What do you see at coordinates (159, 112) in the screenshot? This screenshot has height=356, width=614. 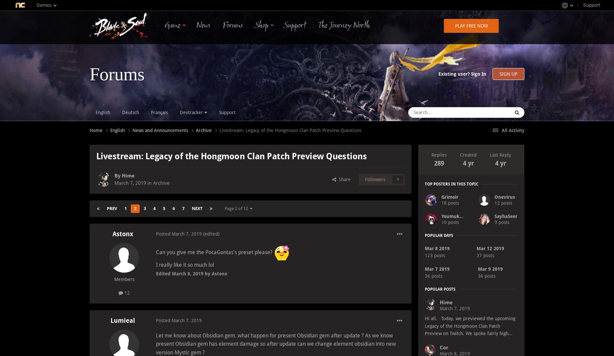 I see `'Français'` at bounding box center [159, 112].